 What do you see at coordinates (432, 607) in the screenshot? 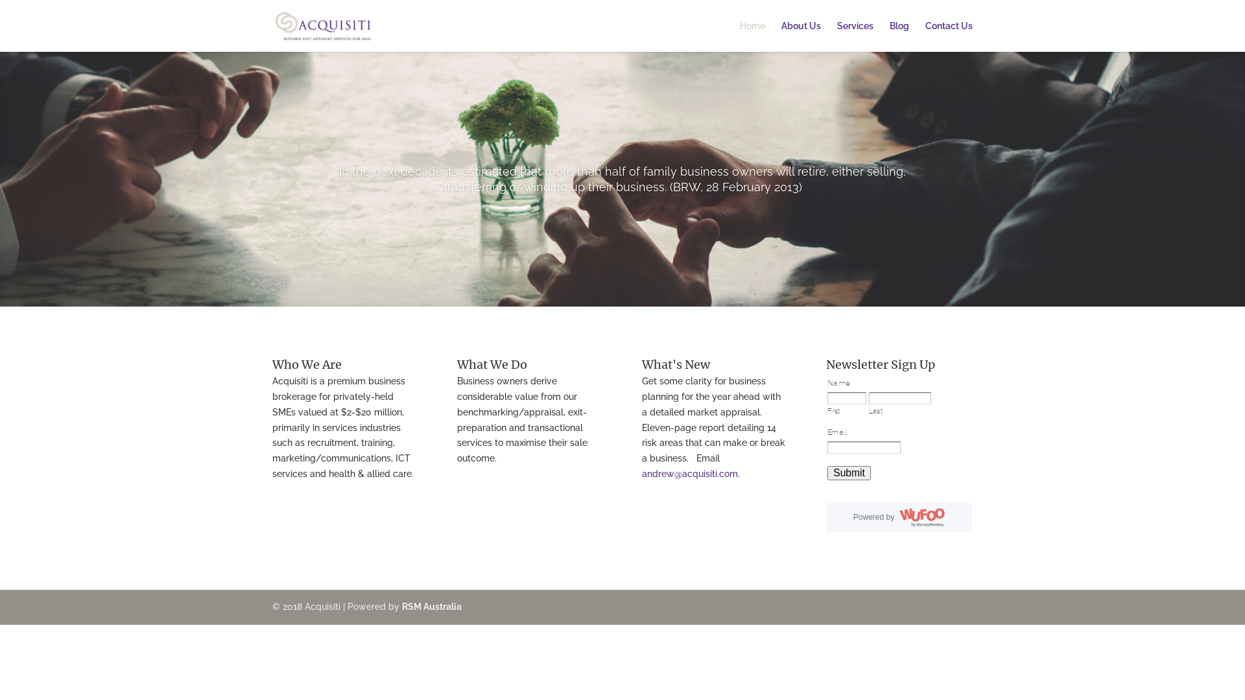
I see `'RSM Australia'` at bounding box center [432, 607].